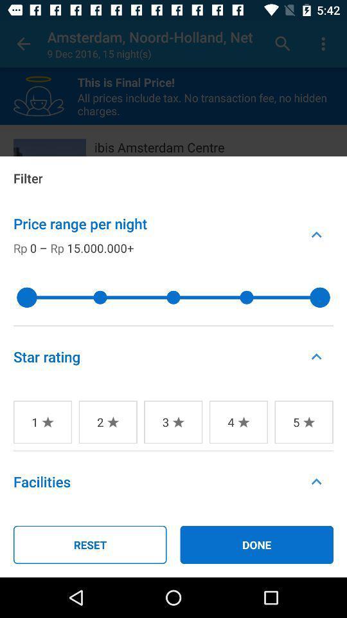 The width and height of the screenshot is (347, 618). Describe the element at coordinates (256, 544) in the screenshot. I see `done item` at that location.